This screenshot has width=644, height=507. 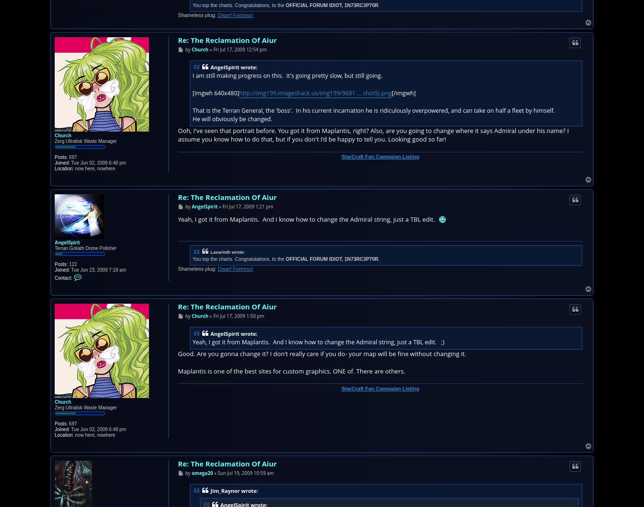 I want to click on 'Contact:', so click(x=54, y=277).